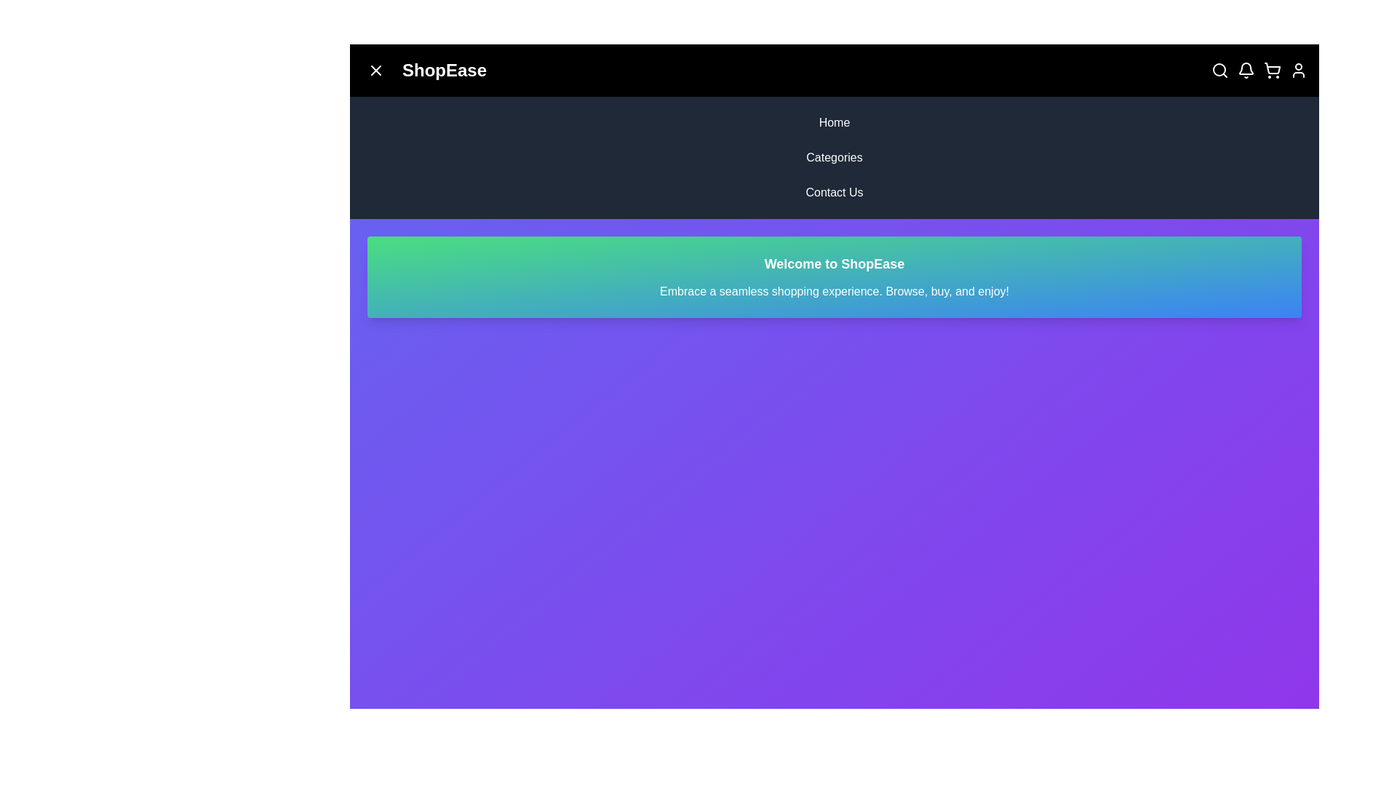 Image resolution: width=1397 pixels, height=786 pixels. I want to click on toggle button to close the menu, so click(376, 70).